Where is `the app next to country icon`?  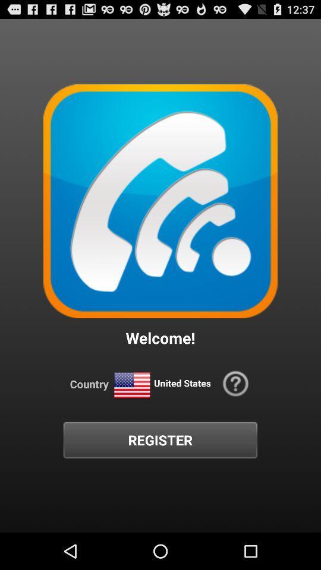 the app next to country icon is located at coordinates (131, 385).